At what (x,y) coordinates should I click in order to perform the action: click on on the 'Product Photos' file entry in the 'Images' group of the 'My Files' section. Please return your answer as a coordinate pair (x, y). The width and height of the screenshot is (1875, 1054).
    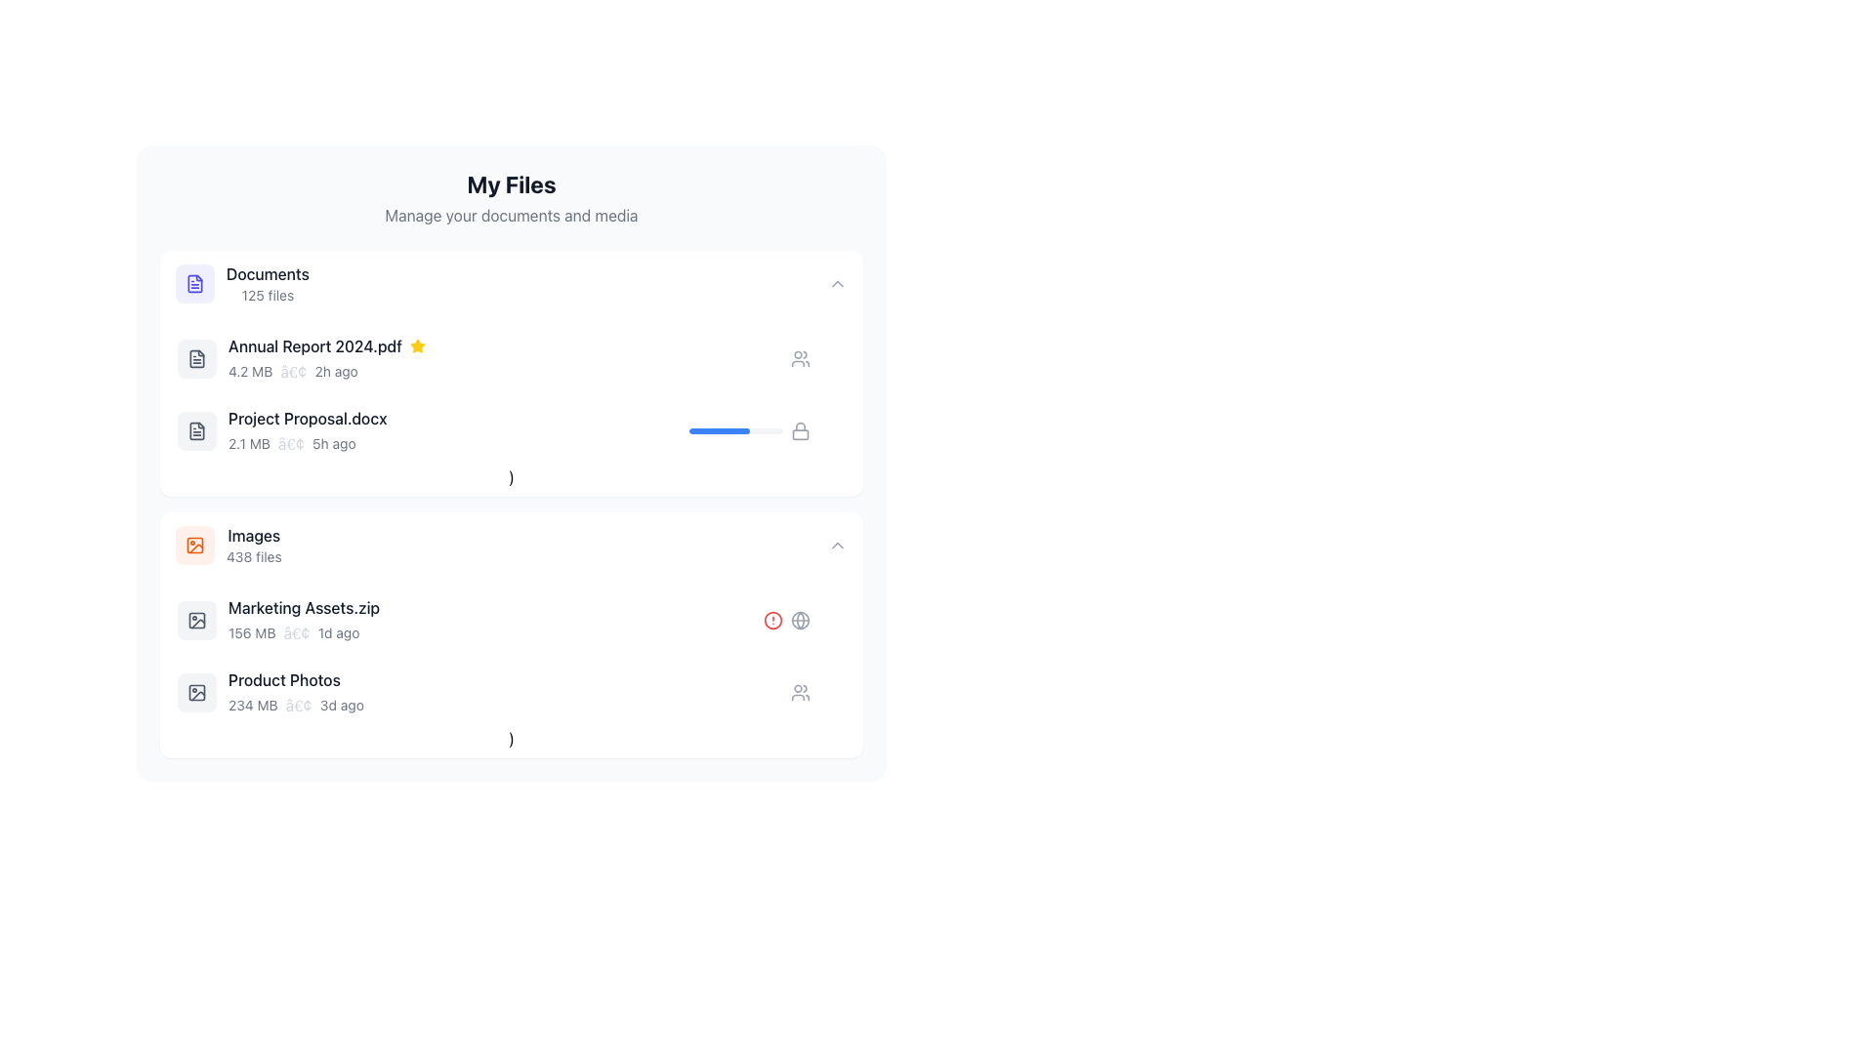
    Looking at the image, I should click on (510, 691).